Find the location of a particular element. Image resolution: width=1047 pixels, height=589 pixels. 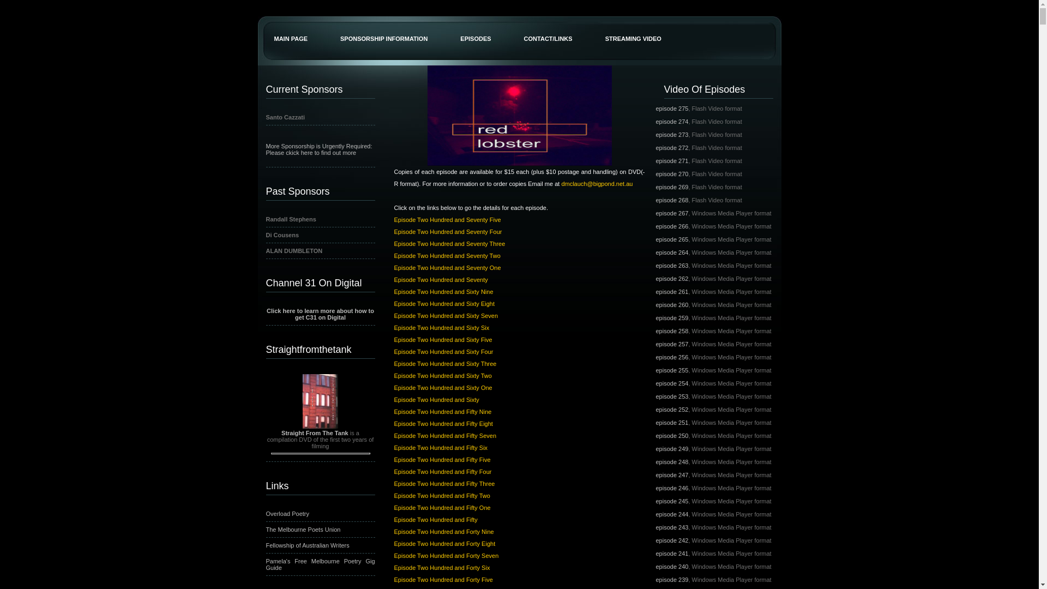

'Episode Two Hundred and Forty Six' is located at coordinates (442, 567).